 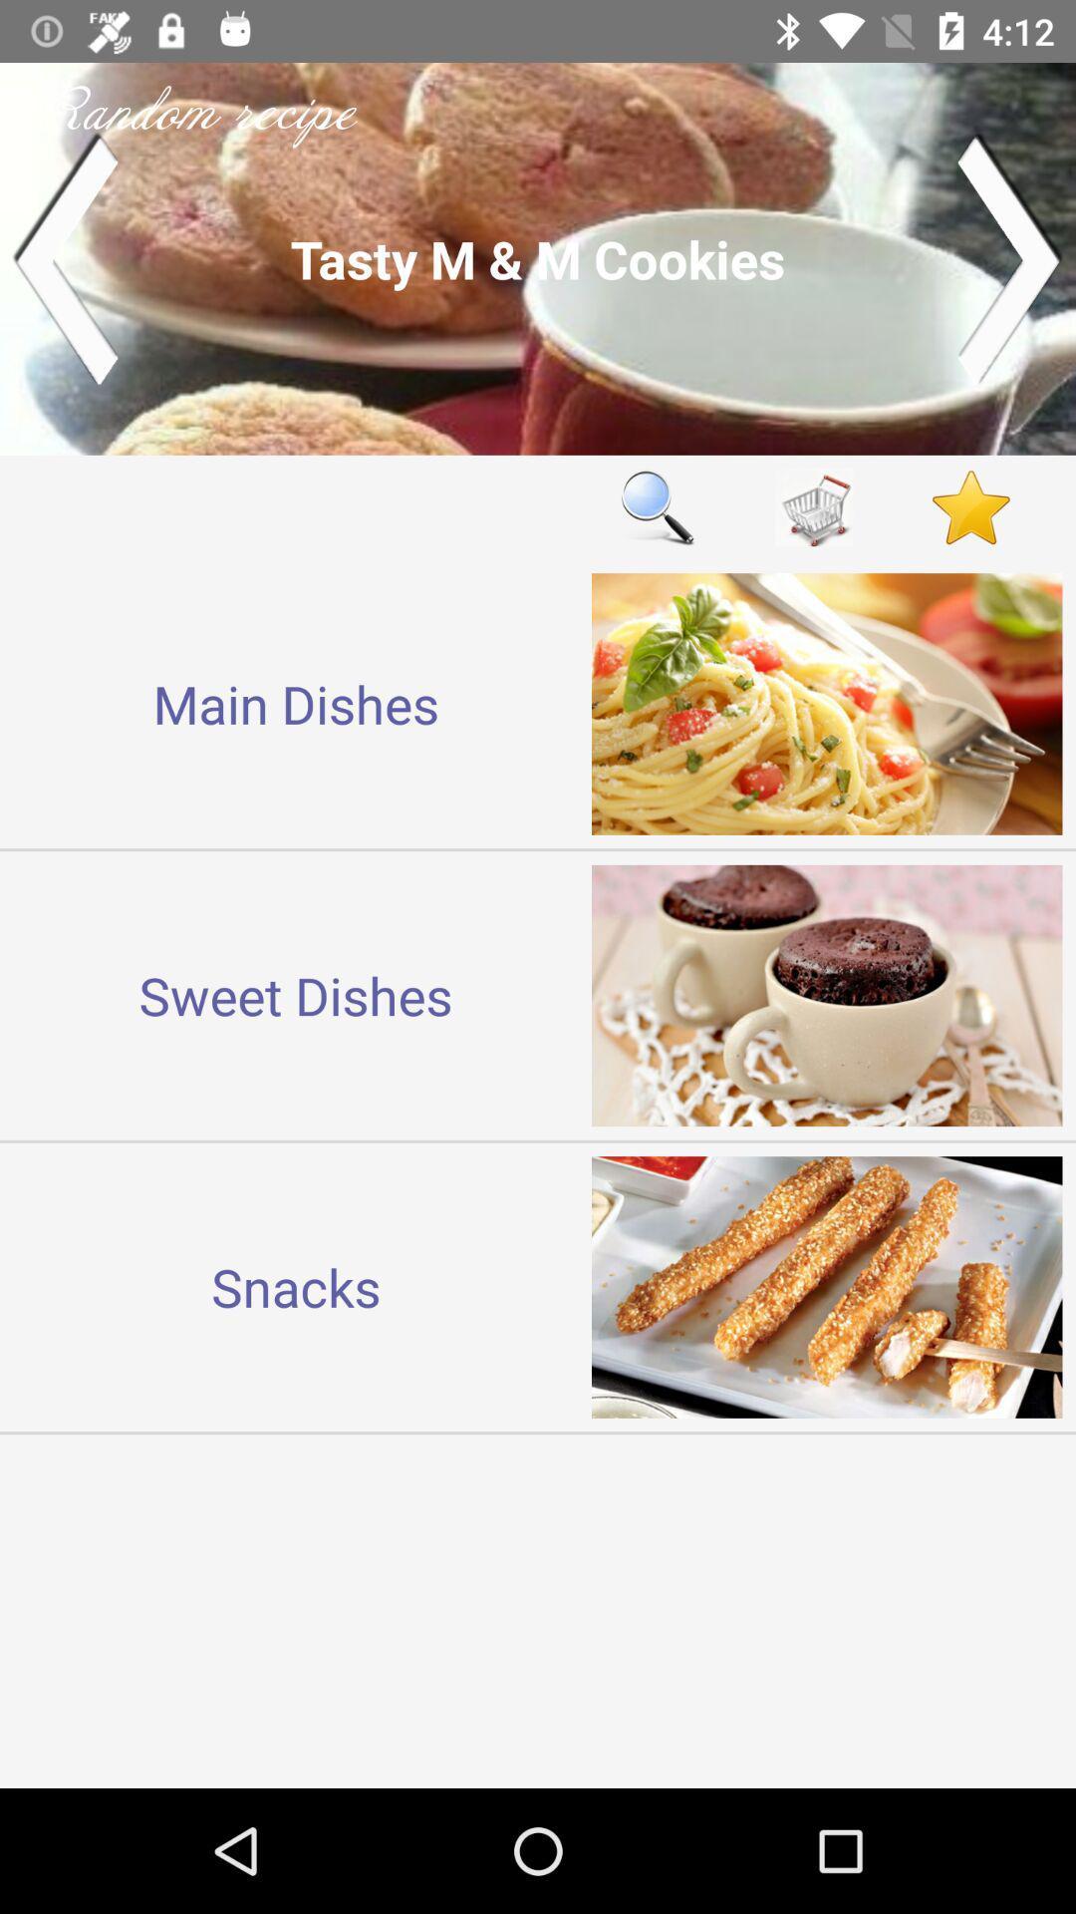 What do you see at coordinates (296, 704) in the screenshot?
I see `the icon above the sweet dishes item` at bounding box center [296, 704].